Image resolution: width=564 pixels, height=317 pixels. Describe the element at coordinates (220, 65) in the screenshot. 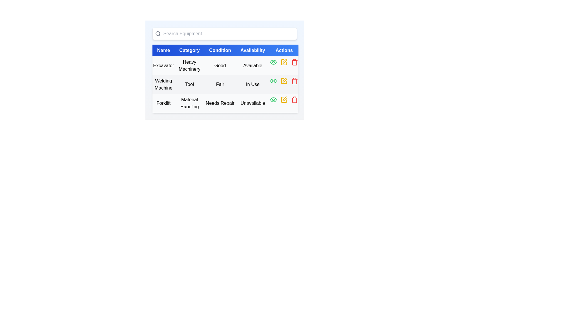

I see `the Text Label displaying 'Good' in bold, centered style located in the third column under the 'Condition' header of the table` at that location.